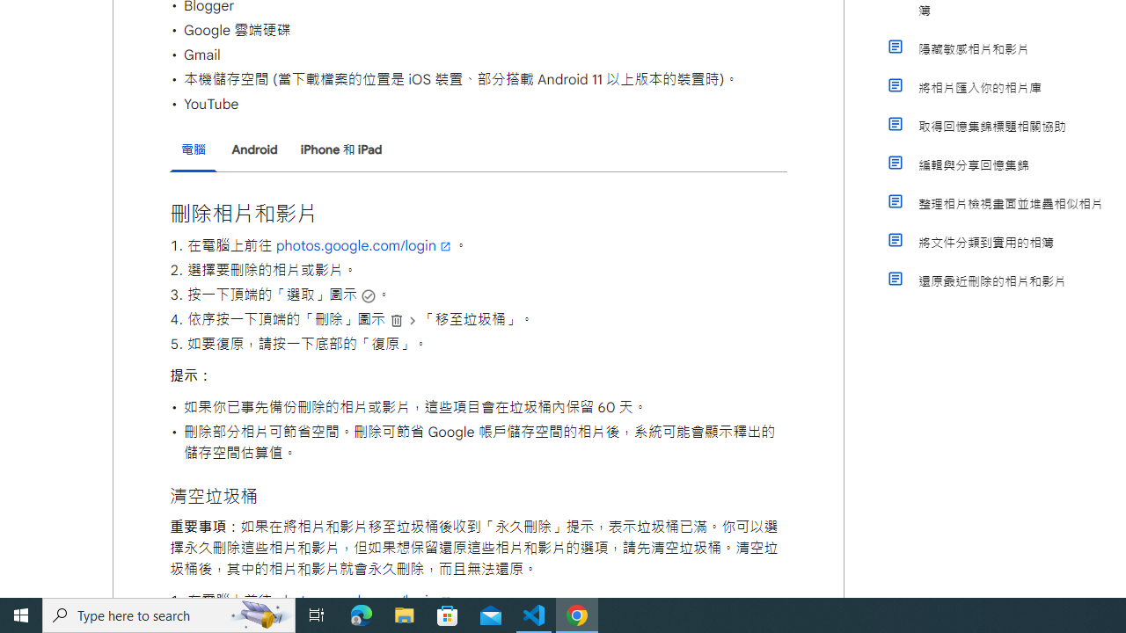 Image resolution: width=1126 pixels, height=633 pixels. What do you see at coordinates (253, 149) in the screenshot?
I see `'Android'` at bounding box center [253, 149].